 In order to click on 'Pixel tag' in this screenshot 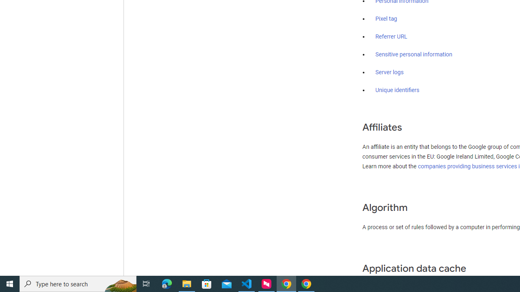, I will do `click(386, 19)`.